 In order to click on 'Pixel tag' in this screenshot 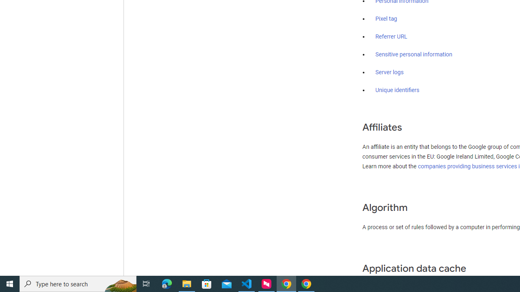, I will do `click(386, 19)`.